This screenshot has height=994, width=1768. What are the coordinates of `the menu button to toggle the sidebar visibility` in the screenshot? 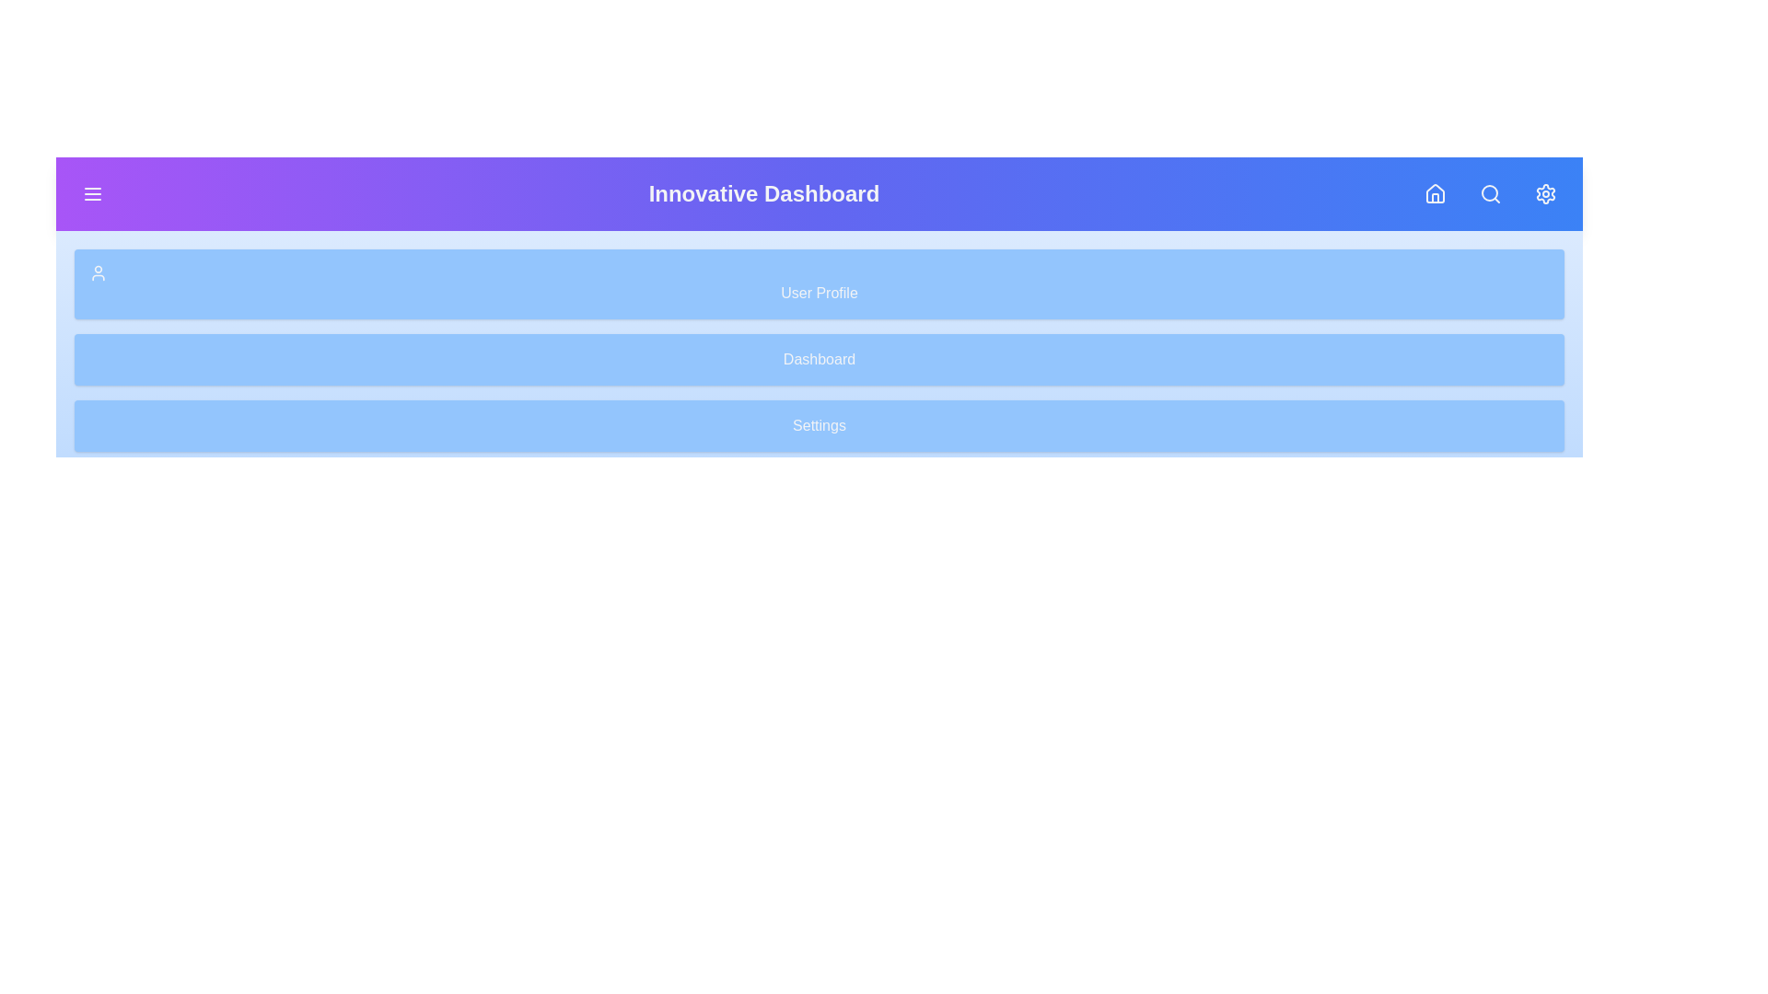 It's located at (91, 194).